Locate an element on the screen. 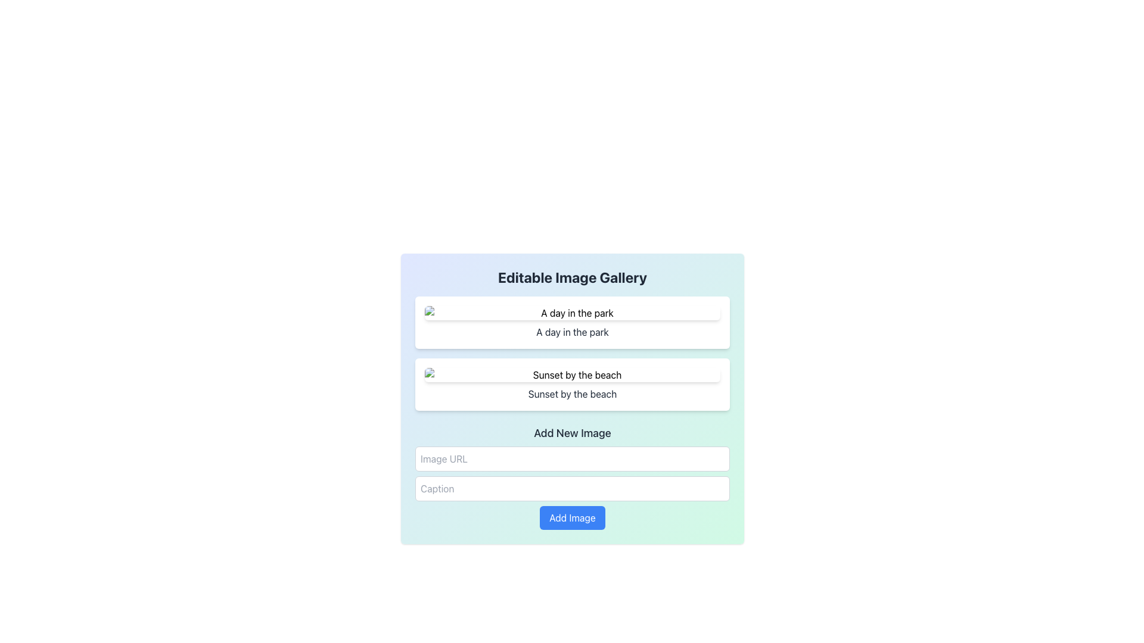 The height and width of the screenshot is (643, 1144). the rectangular image placeholder with a rounded border and shadow effect in the editable image gallery interface is located at coordinates (572, 312).